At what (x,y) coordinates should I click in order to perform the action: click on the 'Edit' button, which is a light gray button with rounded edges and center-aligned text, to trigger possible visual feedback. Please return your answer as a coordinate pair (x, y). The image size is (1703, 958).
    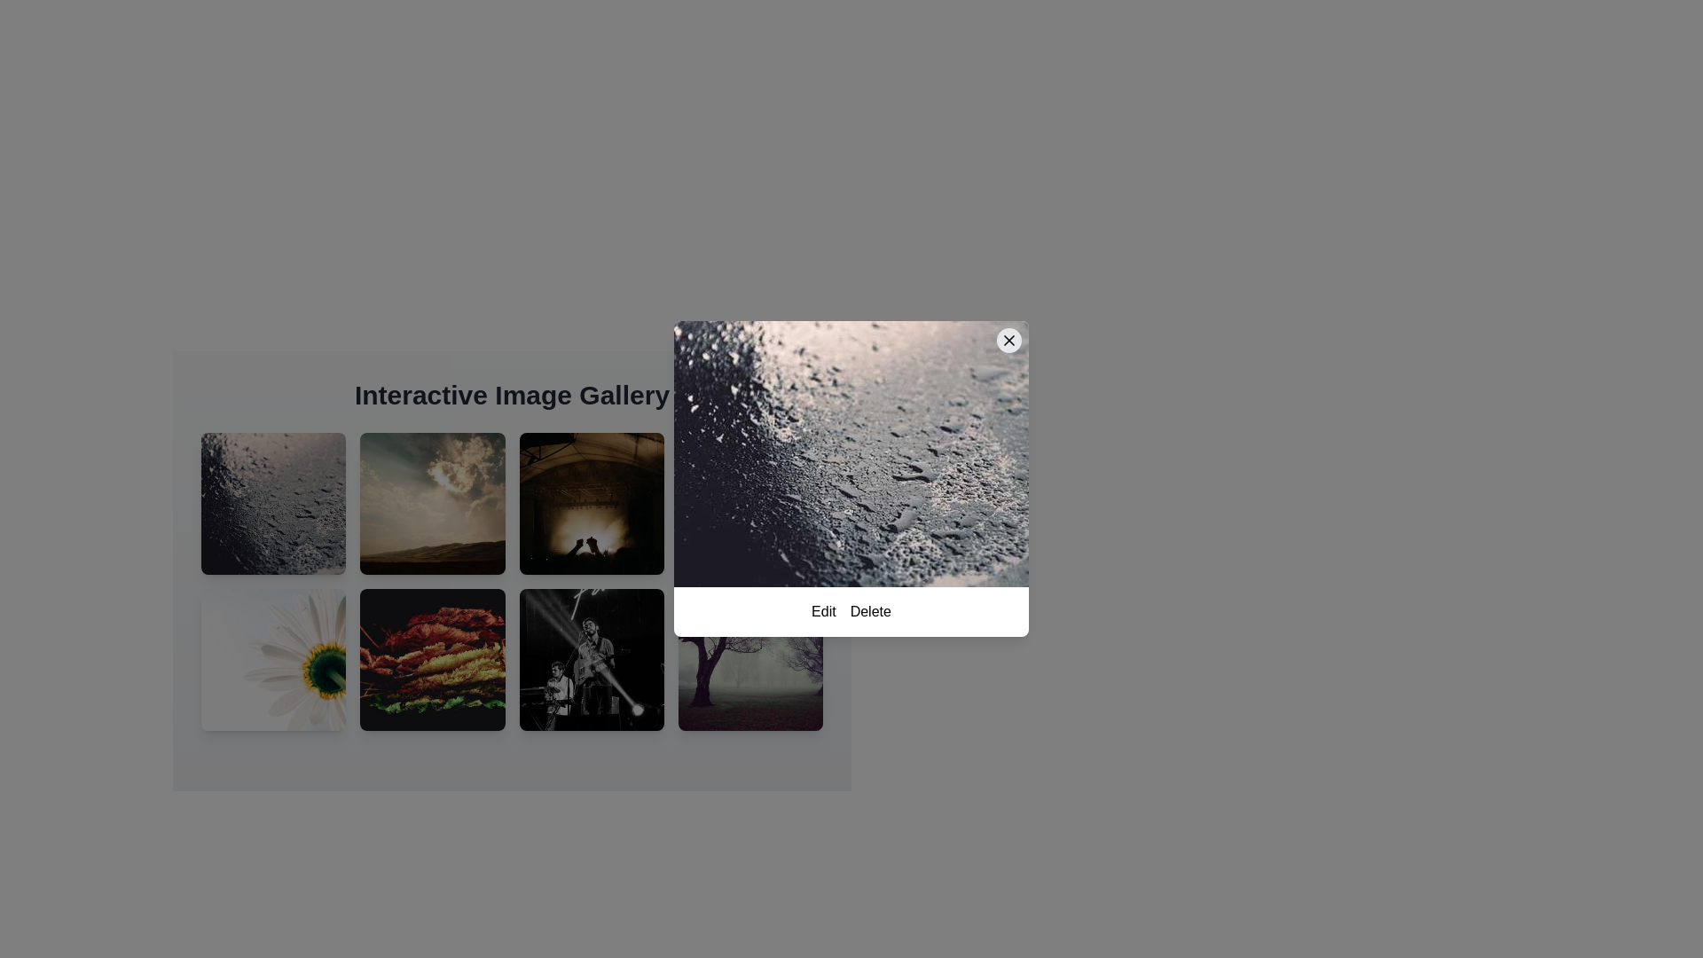
    Looking at the image, I should click on (822, 611).